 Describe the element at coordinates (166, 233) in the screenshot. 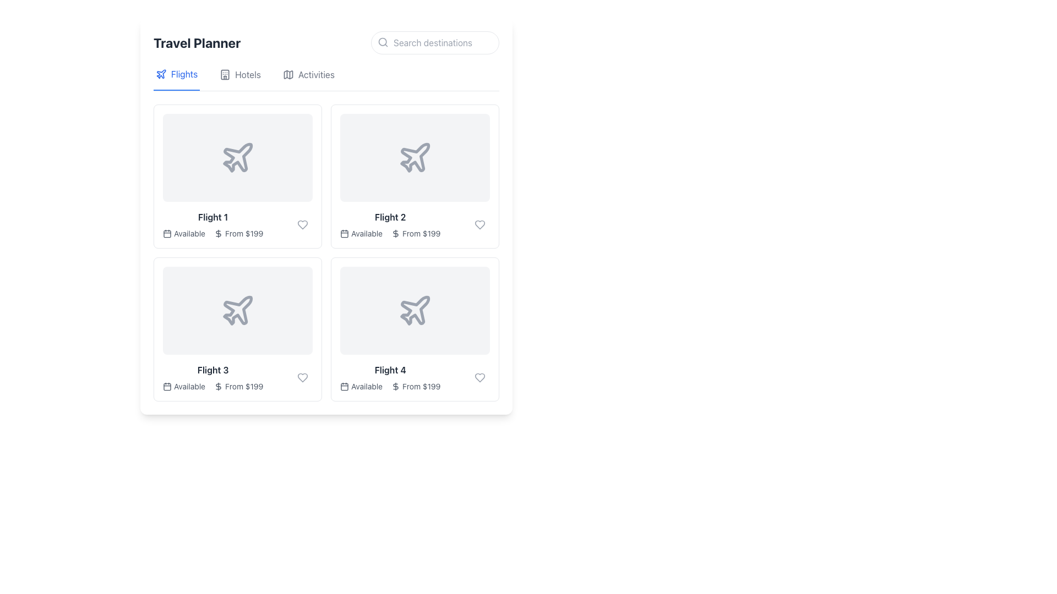

I see `the calendar icon that signifies date-related information for 'Flight 1', located to the left of the 'Available' text` at that location.